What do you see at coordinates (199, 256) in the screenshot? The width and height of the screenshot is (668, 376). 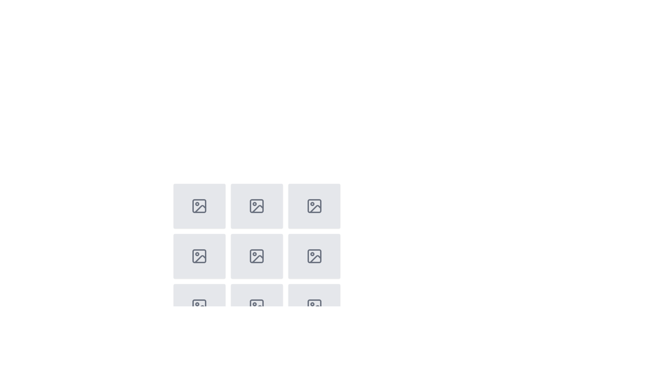 I see `the light gray Placeholder box containing a centered picture frame icon, located in the second slot of the second row of a 3x3 grid layout` at bounding box center [199, 256].